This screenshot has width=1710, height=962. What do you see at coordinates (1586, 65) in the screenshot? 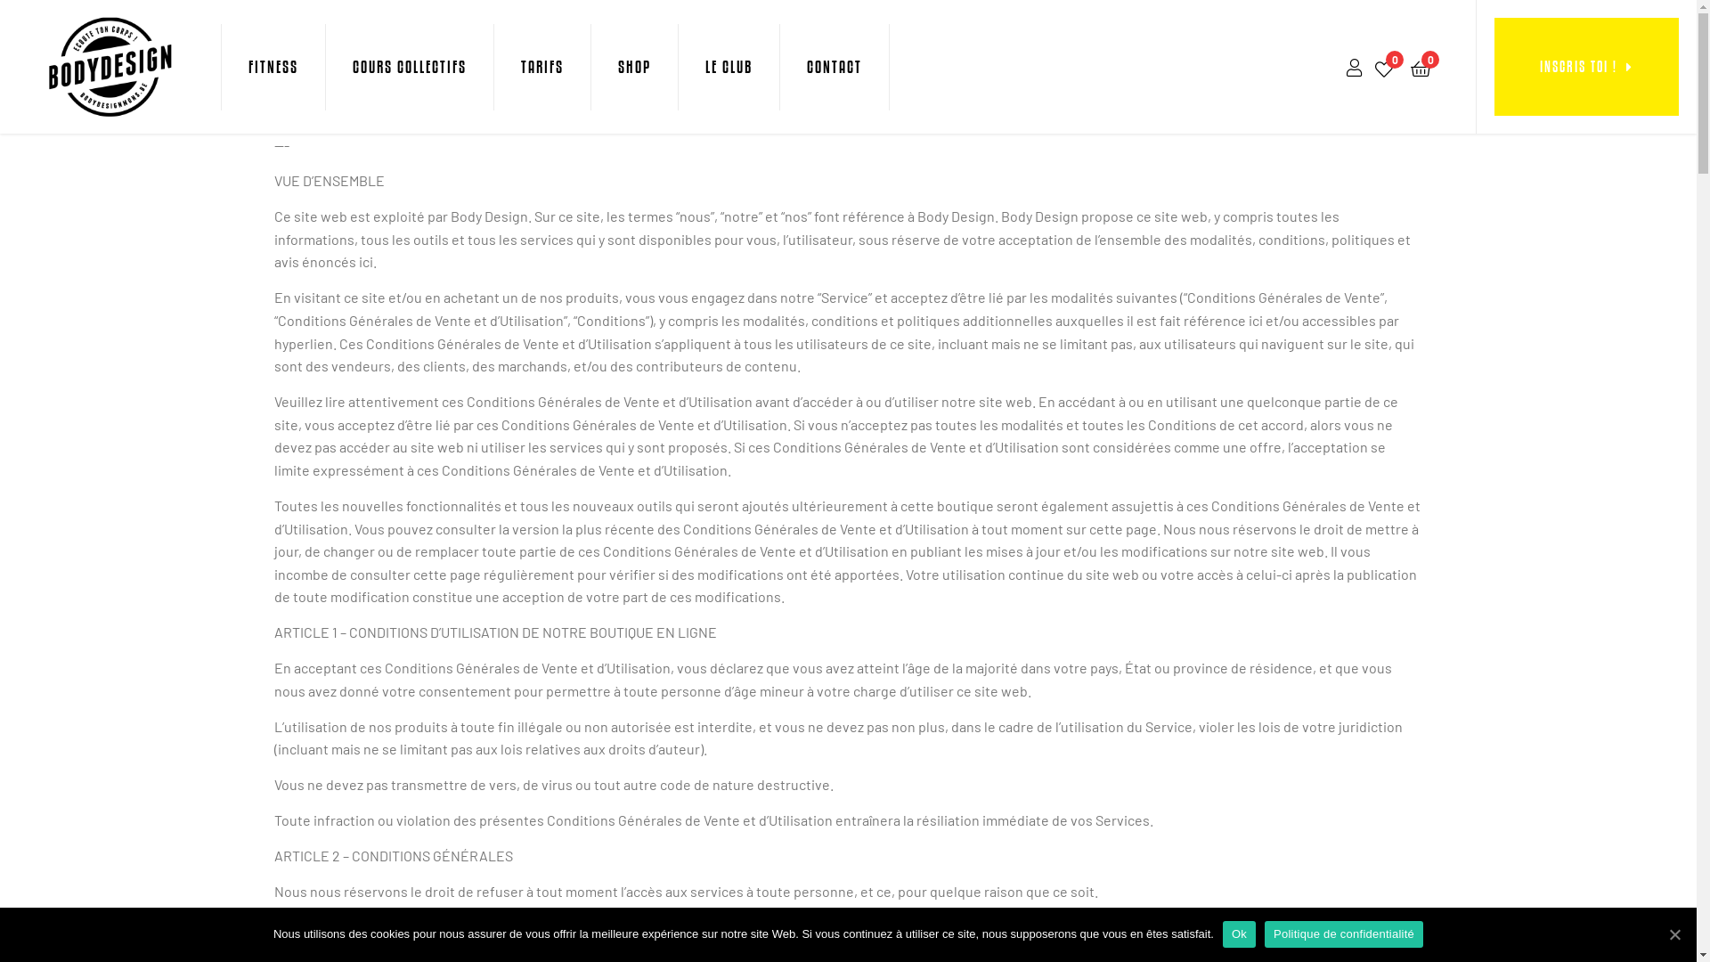
I see `'INSCRIS TOI !'` at bounding box center [1586, 65].